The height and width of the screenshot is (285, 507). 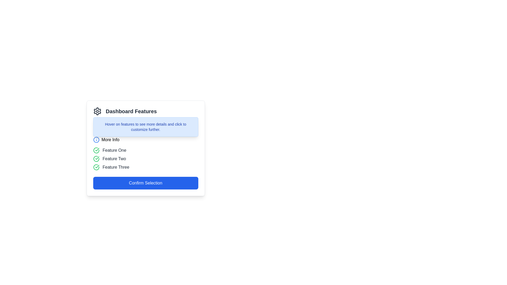 I want to click on text label displaying 'Feature One' styled in gray font, positioned as the first item under the 'Dashboard Features' section, so click(x=114, y=150).